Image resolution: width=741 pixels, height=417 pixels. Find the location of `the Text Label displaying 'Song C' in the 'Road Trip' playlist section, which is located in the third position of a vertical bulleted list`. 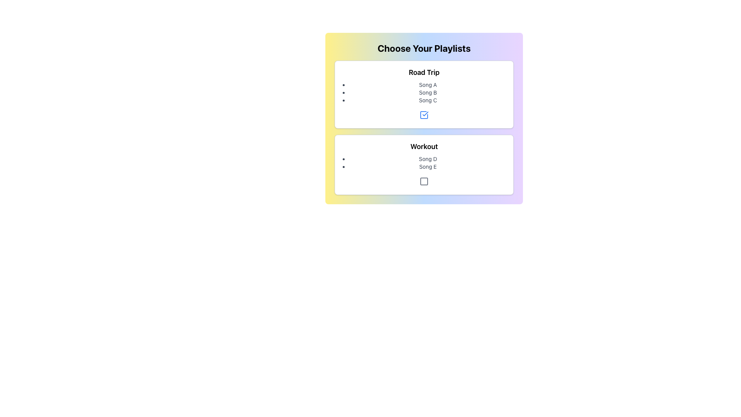

the Text Label displaying 'Song C' in the 'Road Trip' playlist section, which is located in the third position of a vertical bulleted list is located at coordinates (427, 100).